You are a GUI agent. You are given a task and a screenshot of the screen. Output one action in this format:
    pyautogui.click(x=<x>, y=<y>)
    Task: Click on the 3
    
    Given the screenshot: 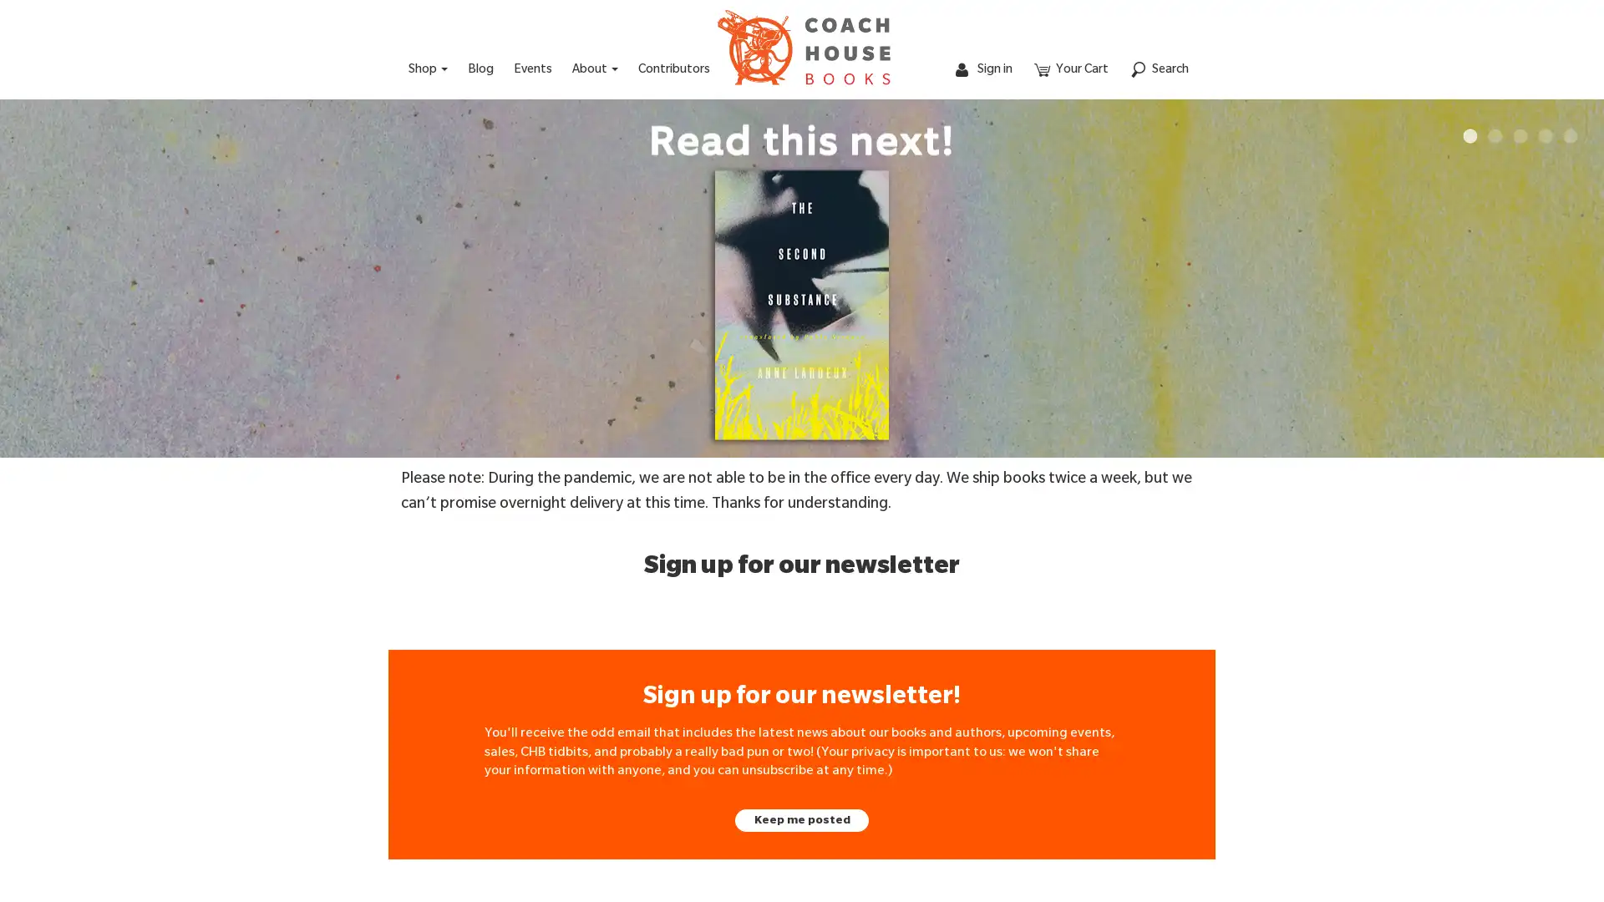 What is the action you would take?
    pyautogui.click(x=1520, y=136)
    